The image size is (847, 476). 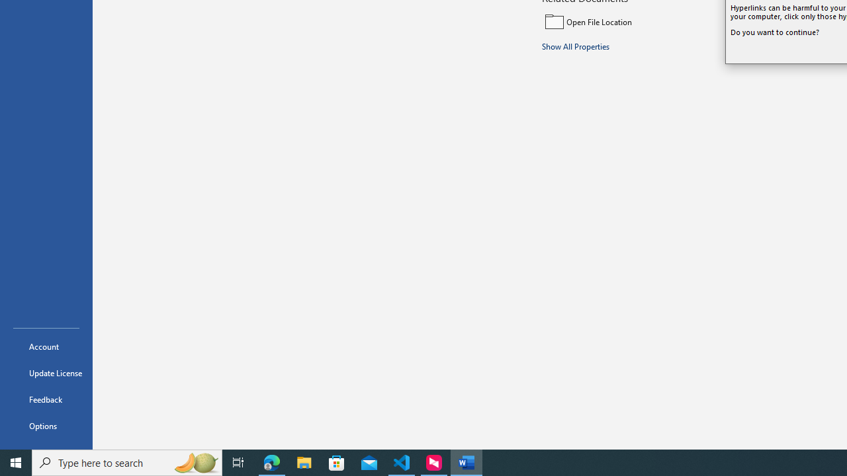 What do you see at coordinates (271, 461) in the screenshot?
I see `'Microsoft Edge - 1 running window'` at bounding box center [271, 461].